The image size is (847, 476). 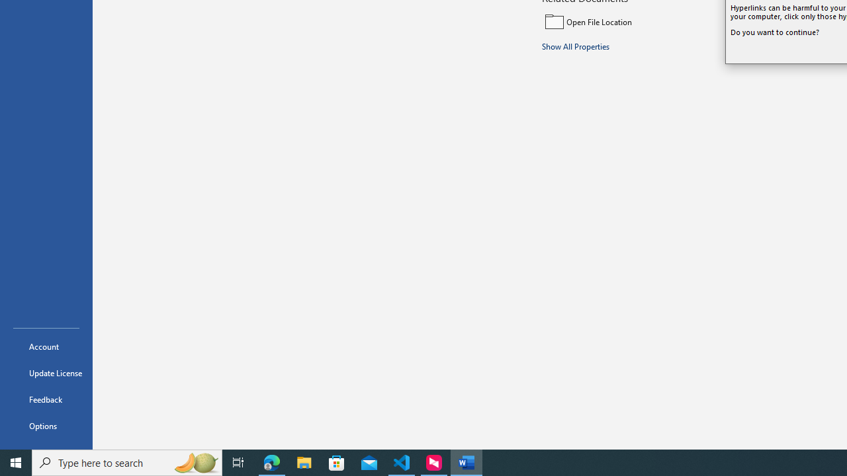 What do you see at coordinates (271, 461) in the screenshot?
I see `'Microsoft Edge - 1 running window'` at bounding box center [271, 461].